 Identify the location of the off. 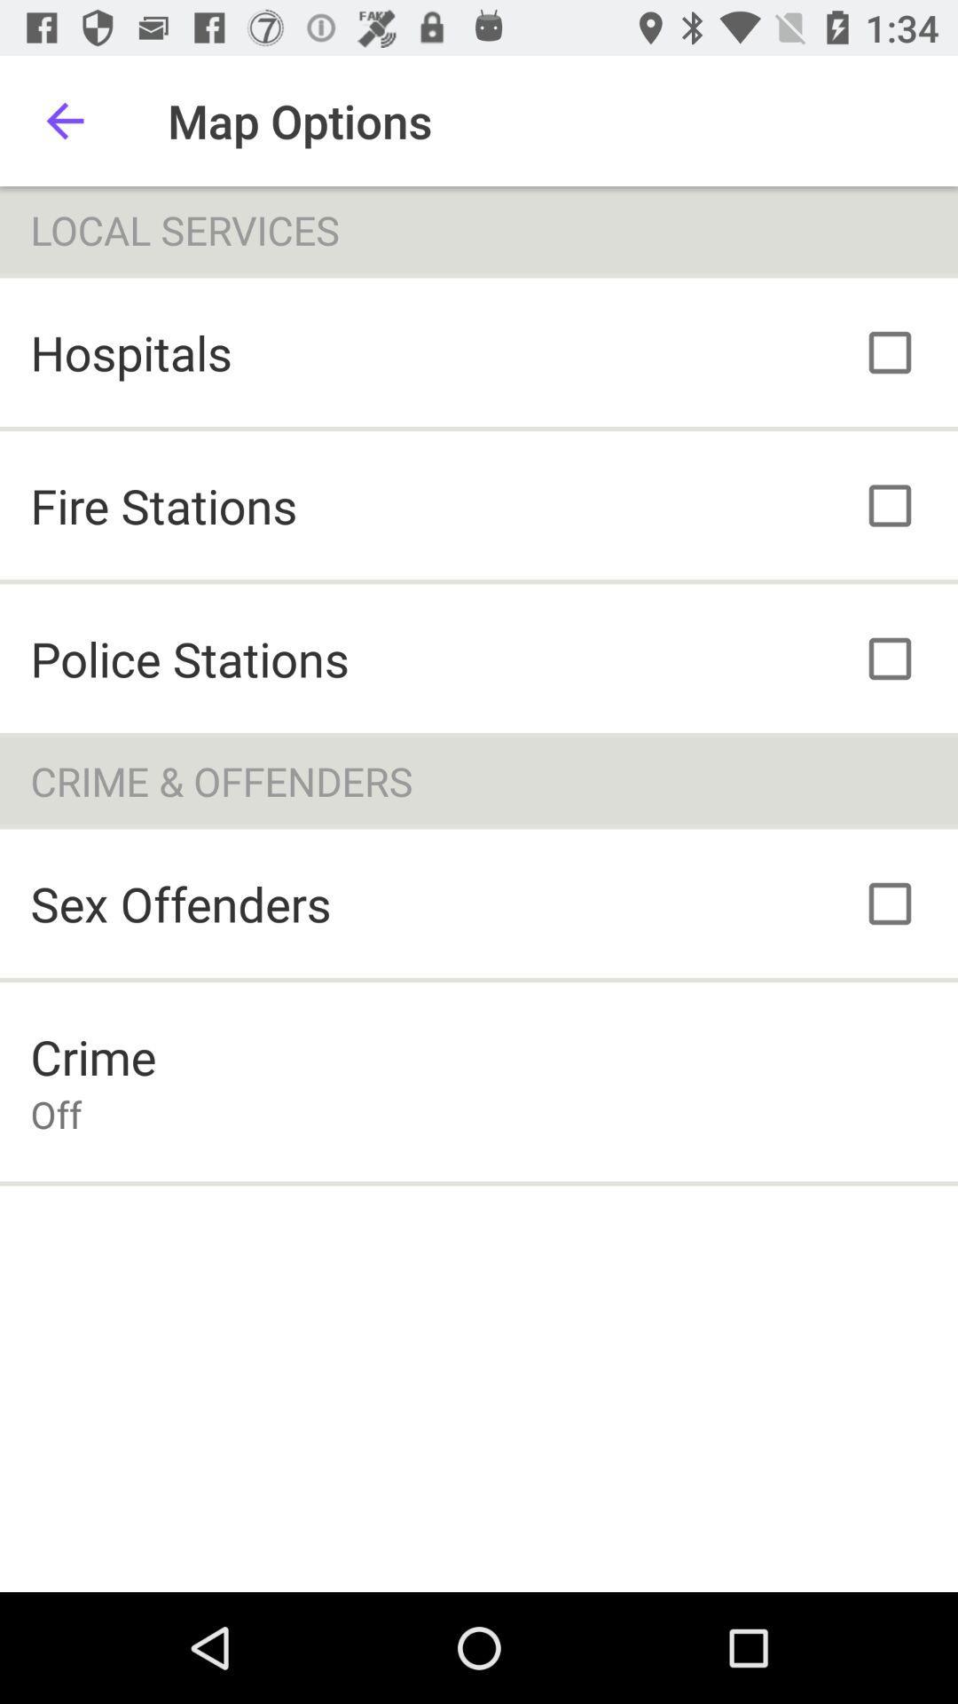
(55, 1113).